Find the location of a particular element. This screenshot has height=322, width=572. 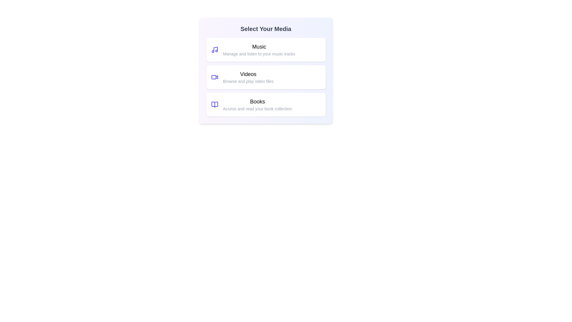

the media option Videos to see the hover effect is located at coordinates (265, 77).